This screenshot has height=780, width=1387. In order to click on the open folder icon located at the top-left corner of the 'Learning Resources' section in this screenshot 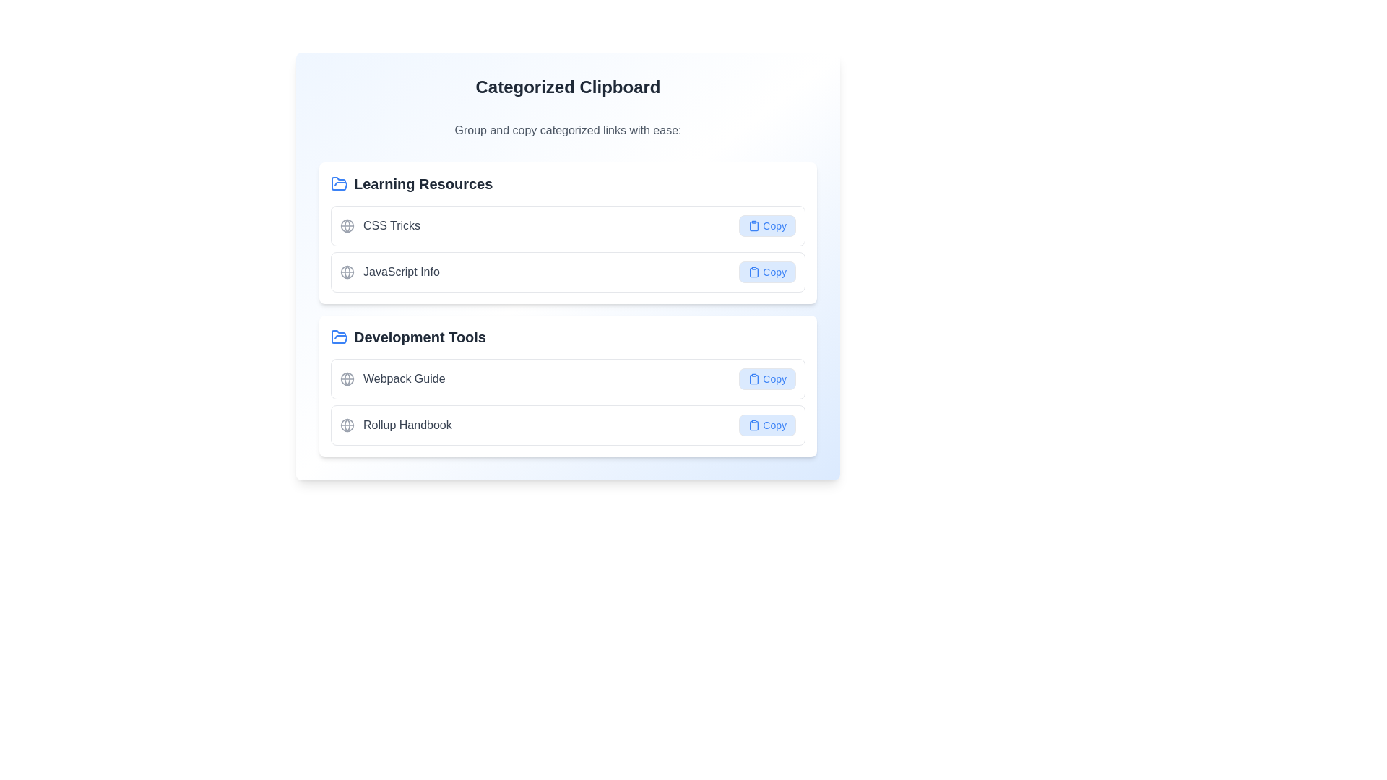, I will do `click(339, 183)`.